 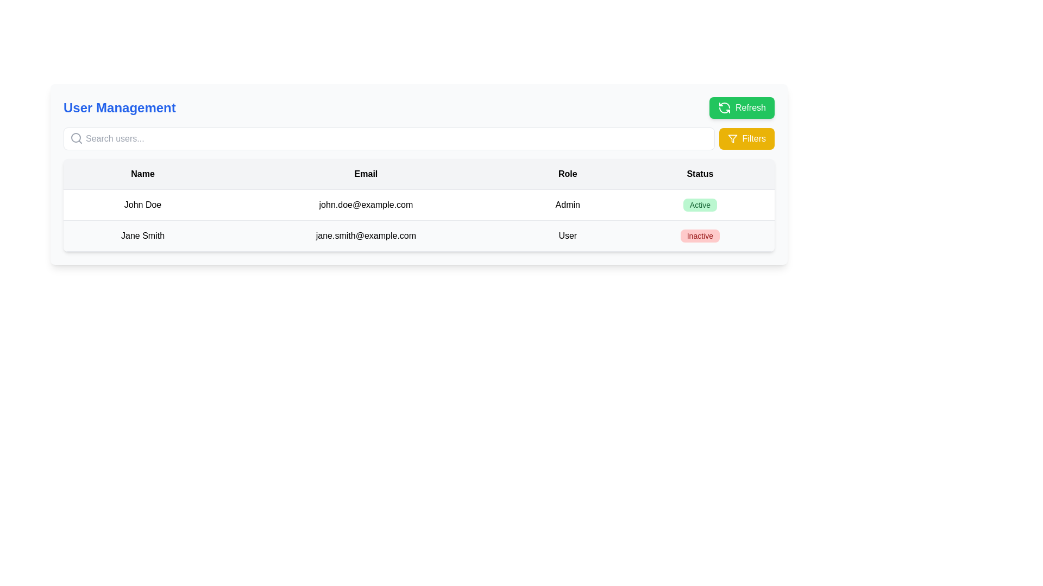 I want to click on the text label displaying 'Jane Smith', which is located in the first column of the second row under the 'User Management' header, so click(x=142, y=235).